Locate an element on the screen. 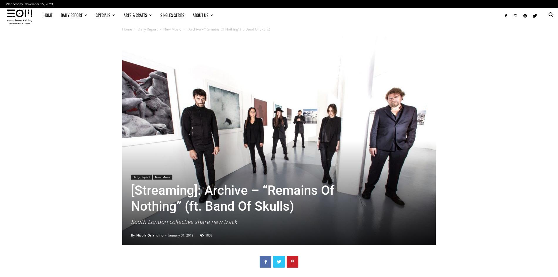 This screenshot has width=558, height=277. 'Search' is located at coordinates (278, 29).